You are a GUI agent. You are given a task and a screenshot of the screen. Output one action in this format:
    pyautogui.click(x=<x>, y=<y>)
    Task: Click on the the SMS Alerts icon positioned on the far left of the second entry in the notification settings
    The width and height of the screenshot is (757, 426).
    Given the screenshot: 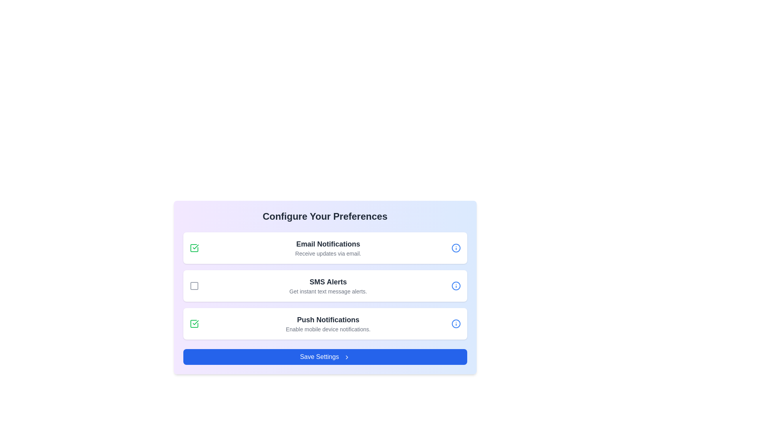 What is the action you would take?
    pyautogui.click(x=194, y=286)
    